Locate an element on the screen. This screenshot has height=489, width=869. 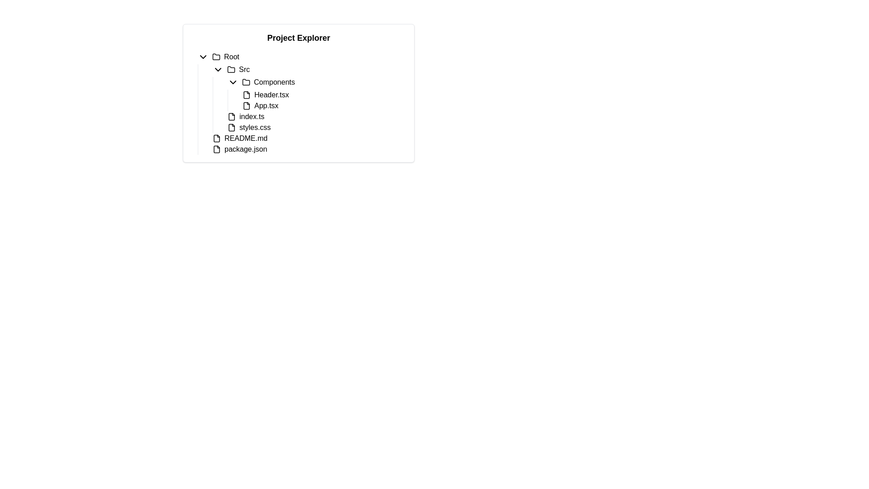
the small square icon resembling a document file, which is positioned beside the text 'styles.css' is located at coordinates (232, 127).